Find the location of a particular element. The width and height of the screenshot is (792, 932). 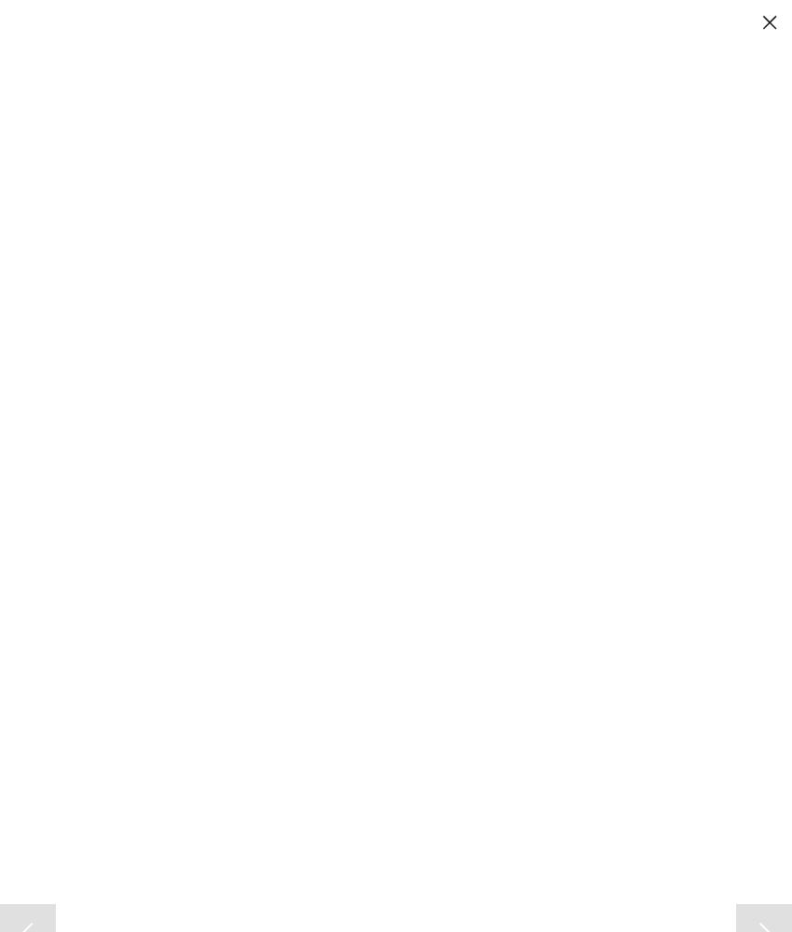

'Photo Store' is located at coordinates (77, 93).